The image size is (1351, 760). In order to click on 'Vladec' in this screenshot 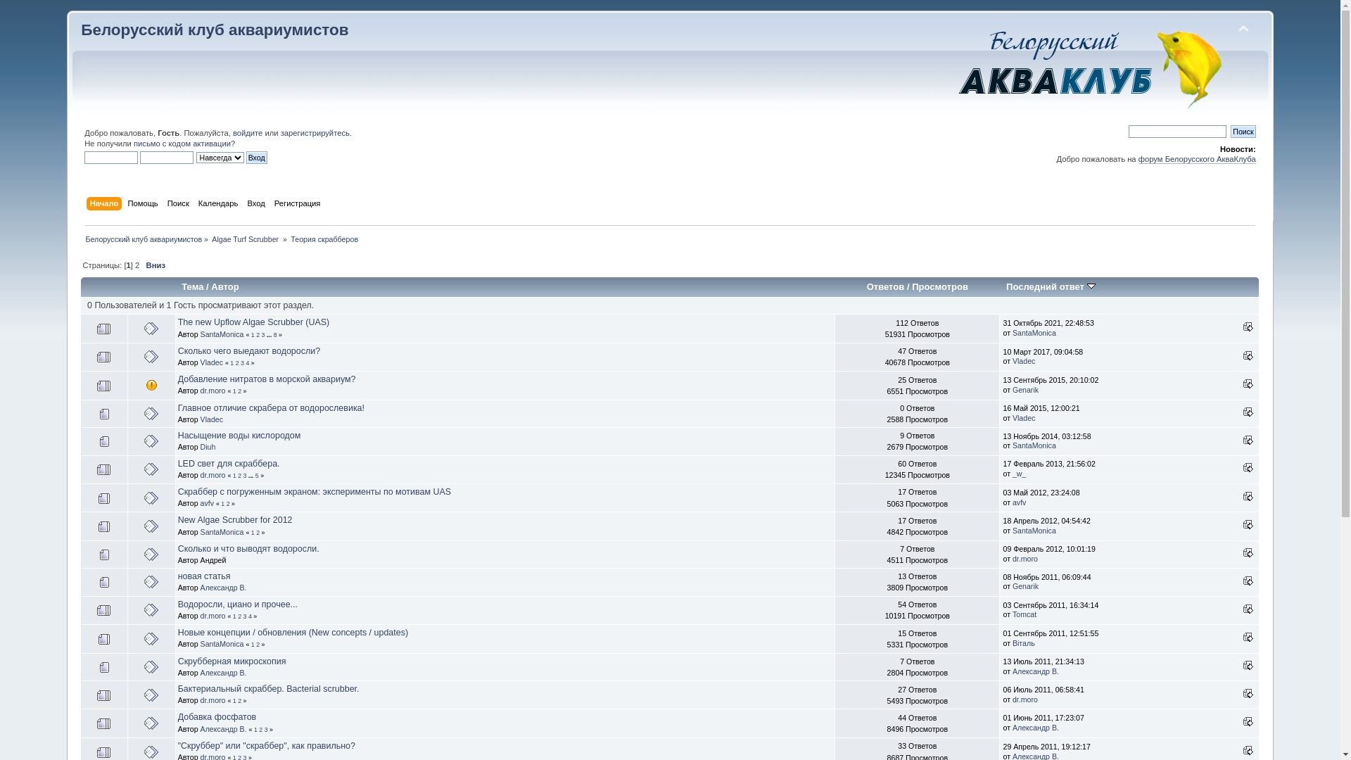, I will do `click(1023, 360)`.